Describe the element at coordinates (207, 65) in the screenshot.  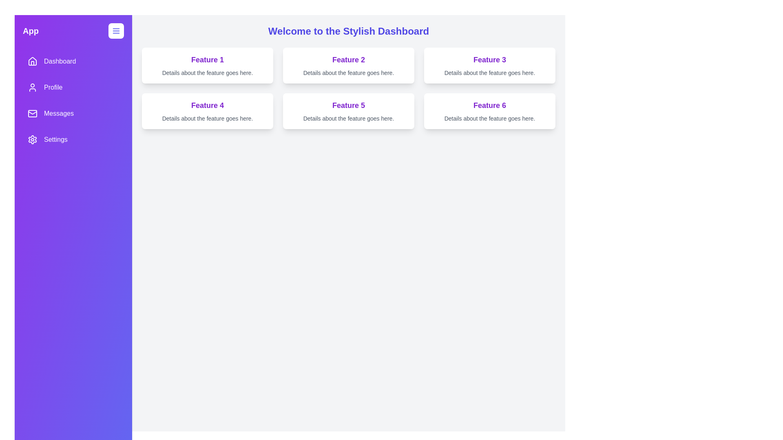
I see `the first card titled 'Feature 1' with a white background and shadow effects, located in the top-left corner of the grid layout` at that location.